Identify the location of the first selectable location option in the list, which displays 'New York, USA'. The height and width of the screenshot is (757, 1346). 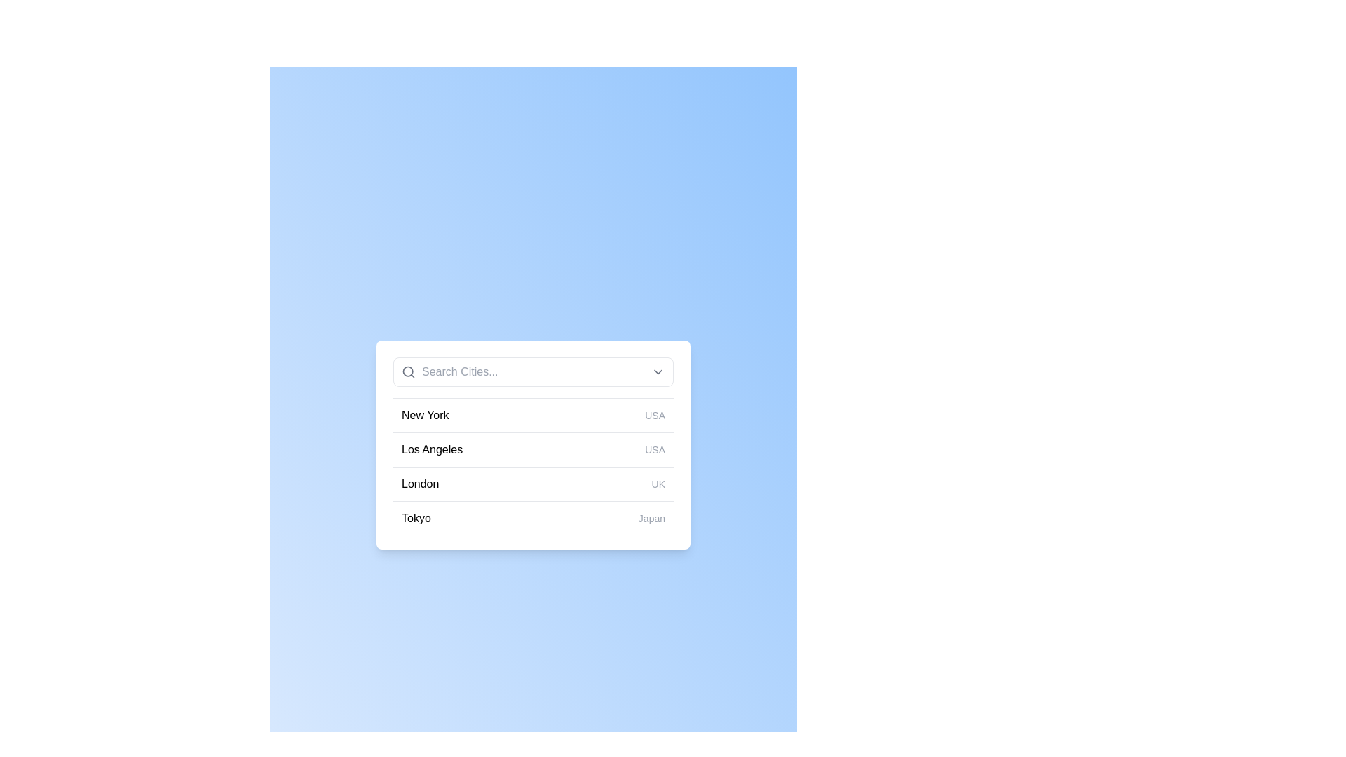
(533, 415).